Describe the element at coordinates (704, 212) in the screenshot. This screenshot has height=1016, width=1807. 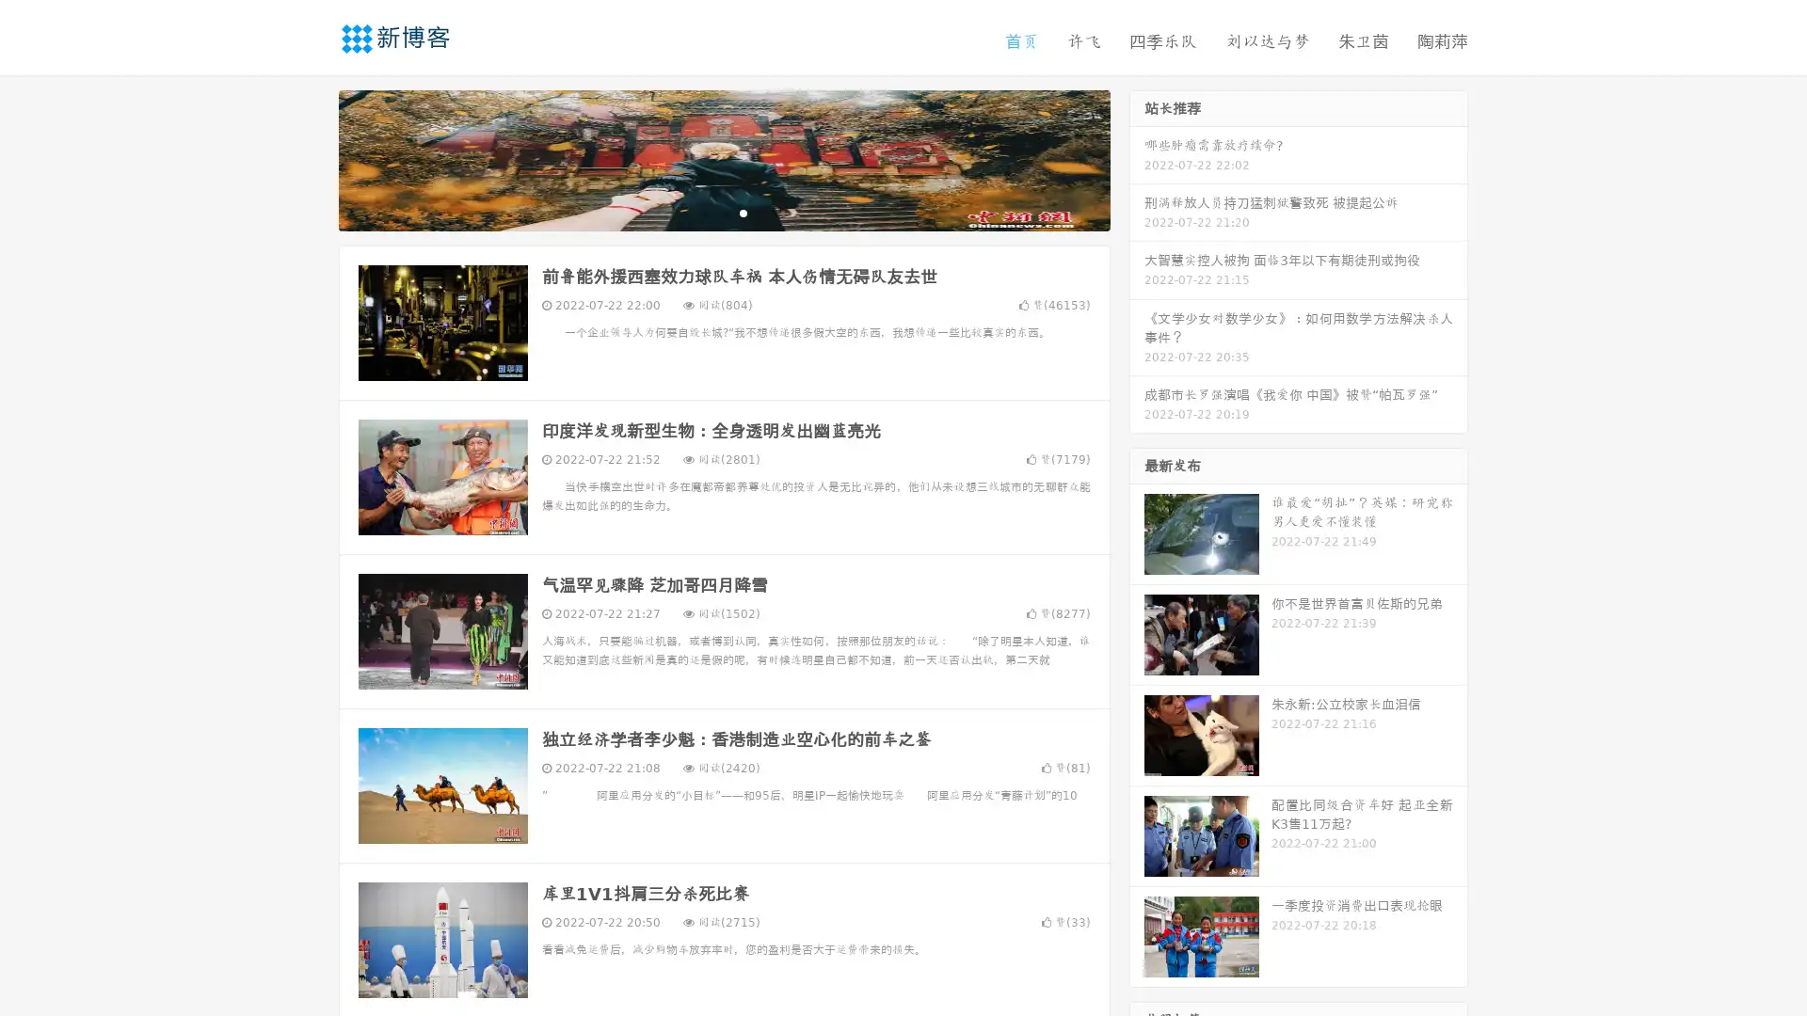
I see `Go to slide 1` at that location.